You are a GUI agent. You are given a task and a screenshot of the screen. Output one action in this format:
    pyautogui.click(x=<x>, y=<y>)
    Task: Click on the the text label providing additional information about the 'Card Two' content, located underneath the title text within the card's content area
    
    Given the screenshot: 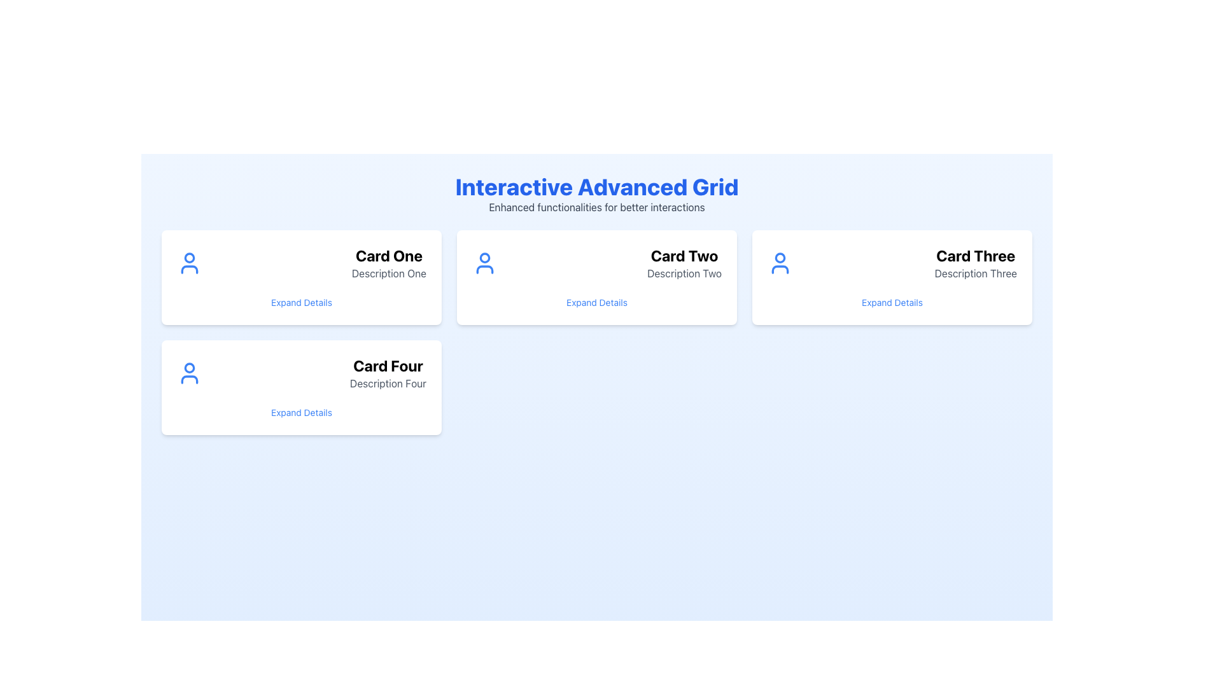 What is the action you would take?
    pyautogui.click(x=684, y=272)
    